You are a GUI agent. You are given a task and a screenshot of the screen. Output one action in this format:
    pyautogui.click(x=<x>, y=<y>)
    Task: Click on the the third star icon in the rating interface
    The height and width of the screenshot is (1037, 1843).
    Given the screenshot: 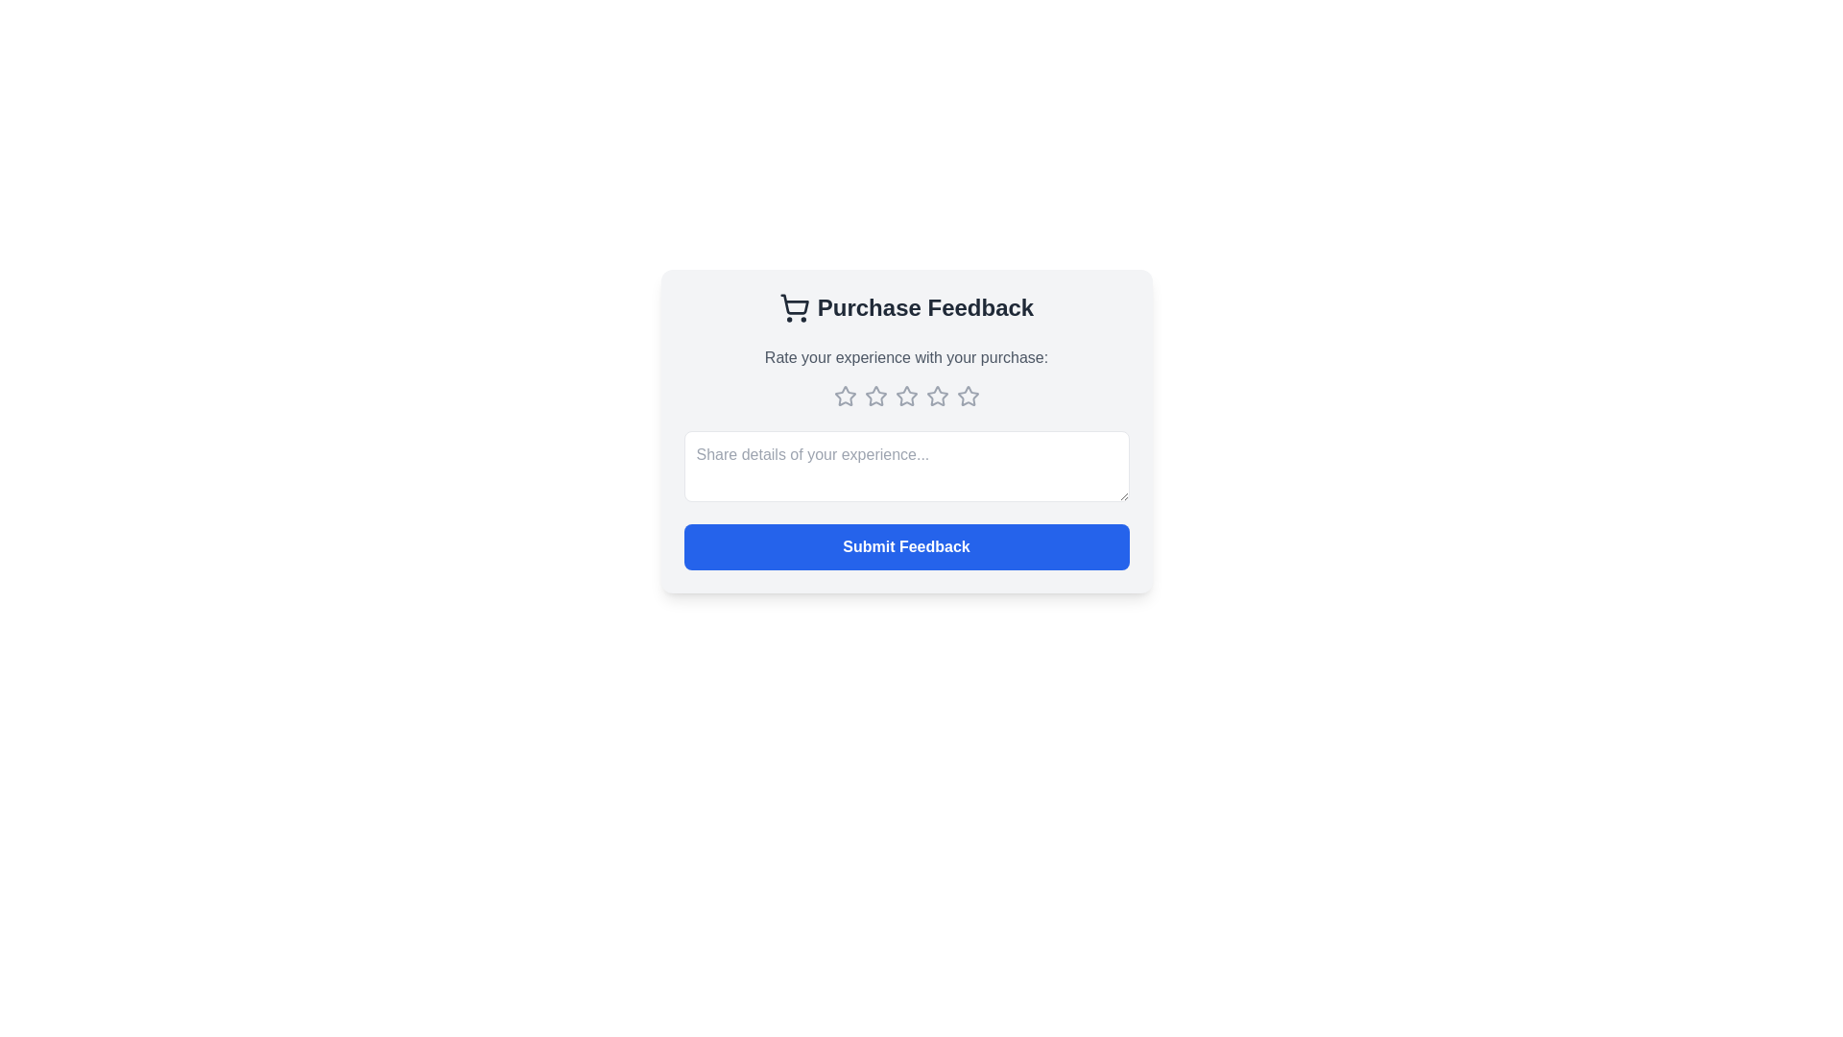 What is the action you would take?
    pyautogui.click(x=905, y=395)
    